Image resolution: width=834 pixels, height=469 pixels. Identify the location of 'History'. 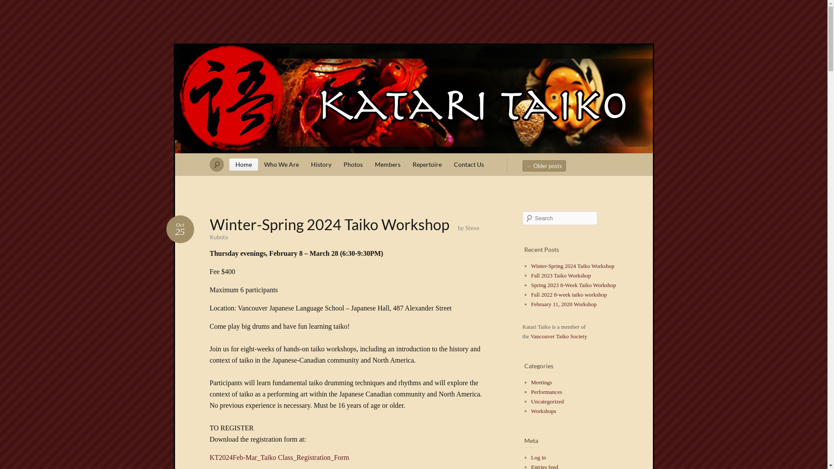
(321, 164).